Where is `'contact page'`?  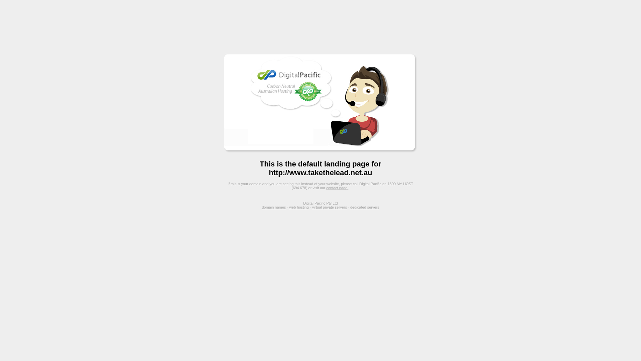
'contact page' is located at coordinates (337, 188).